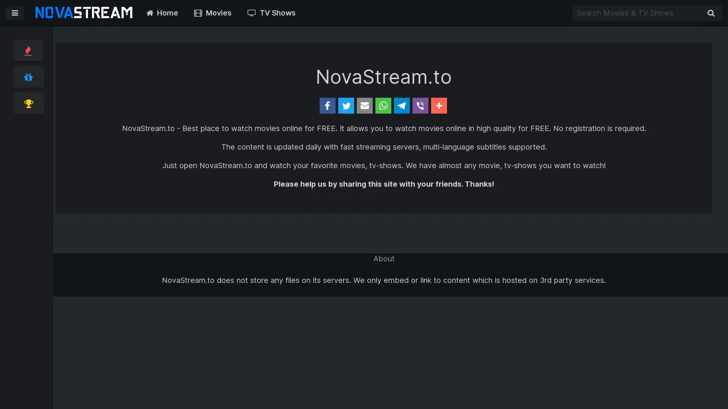 The width and height of the screenshot is (728, 409). What do you see at coordinates (471, 105) in the screenshot?
I see `Share to Viber Viber` at bounding box center [471, 105].